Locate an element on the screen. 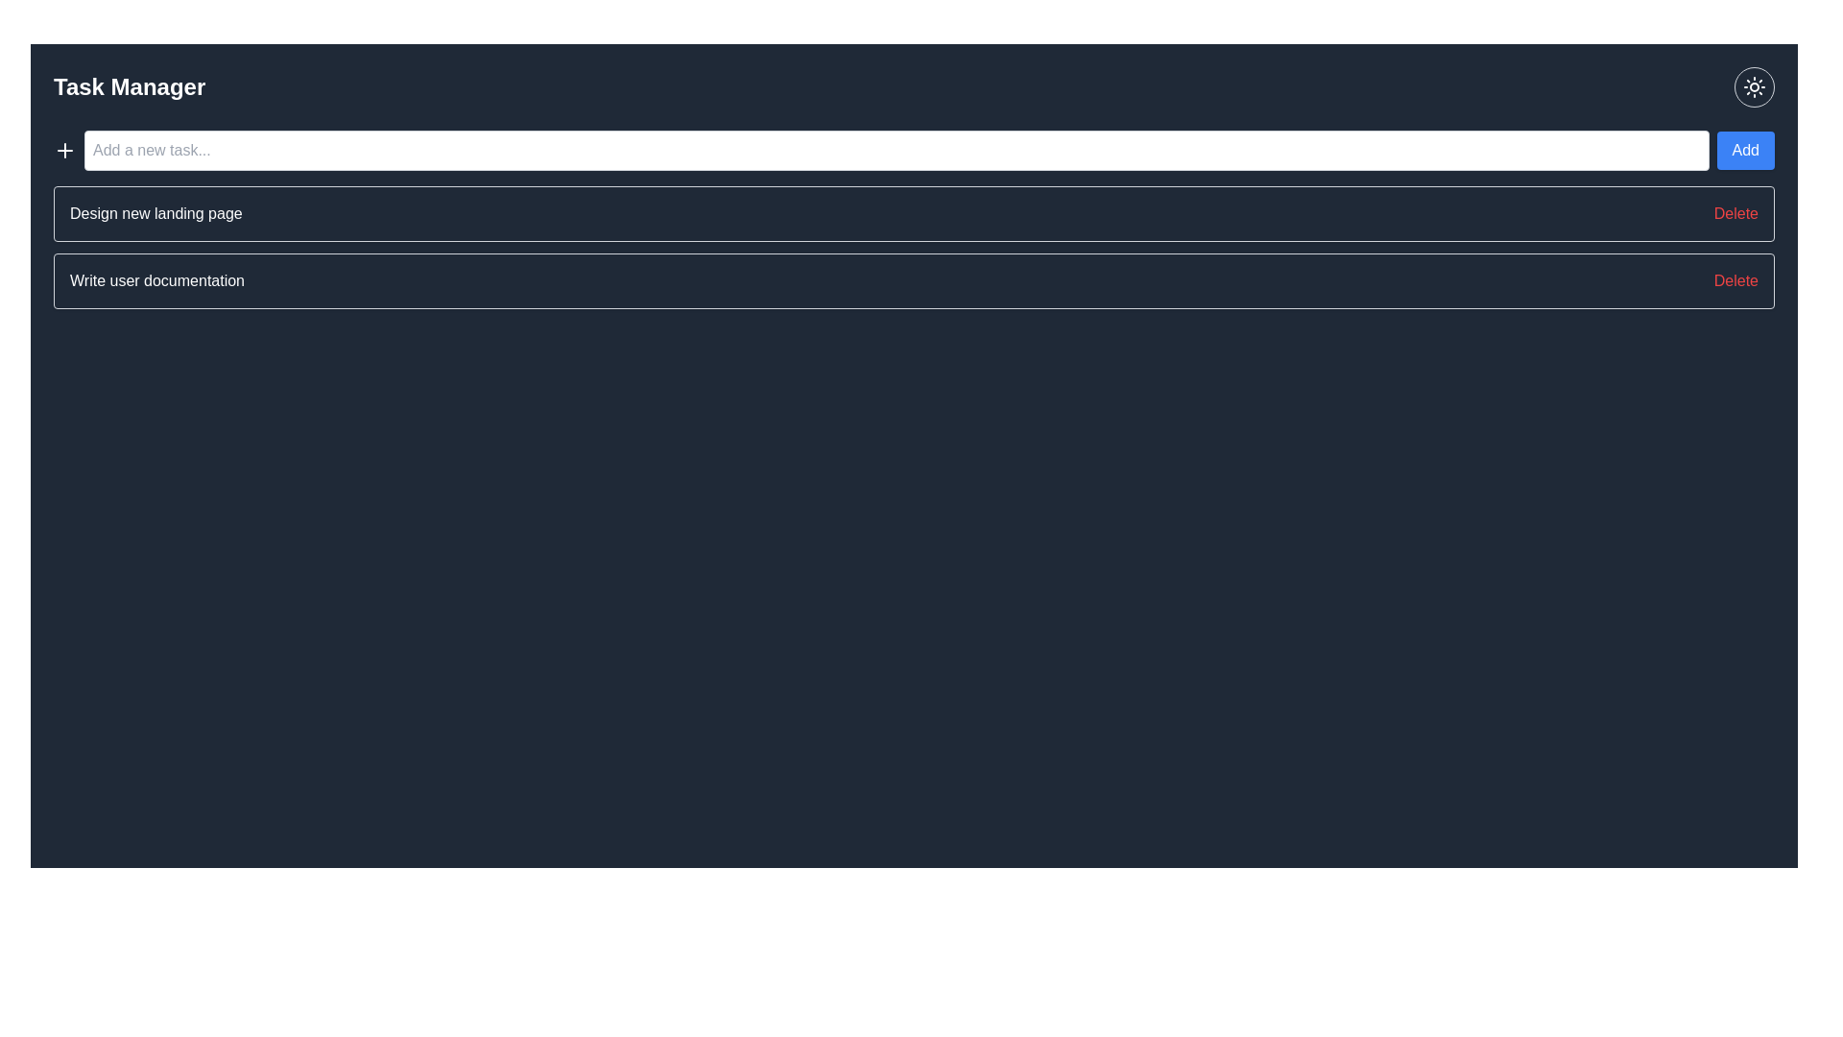 This screenshot has width=1843, height=1037. the text label that indicates the content of the second task item in the task management interface, which is positioned to the left of the red 'Delete' button is located at coordinates (156, 281).